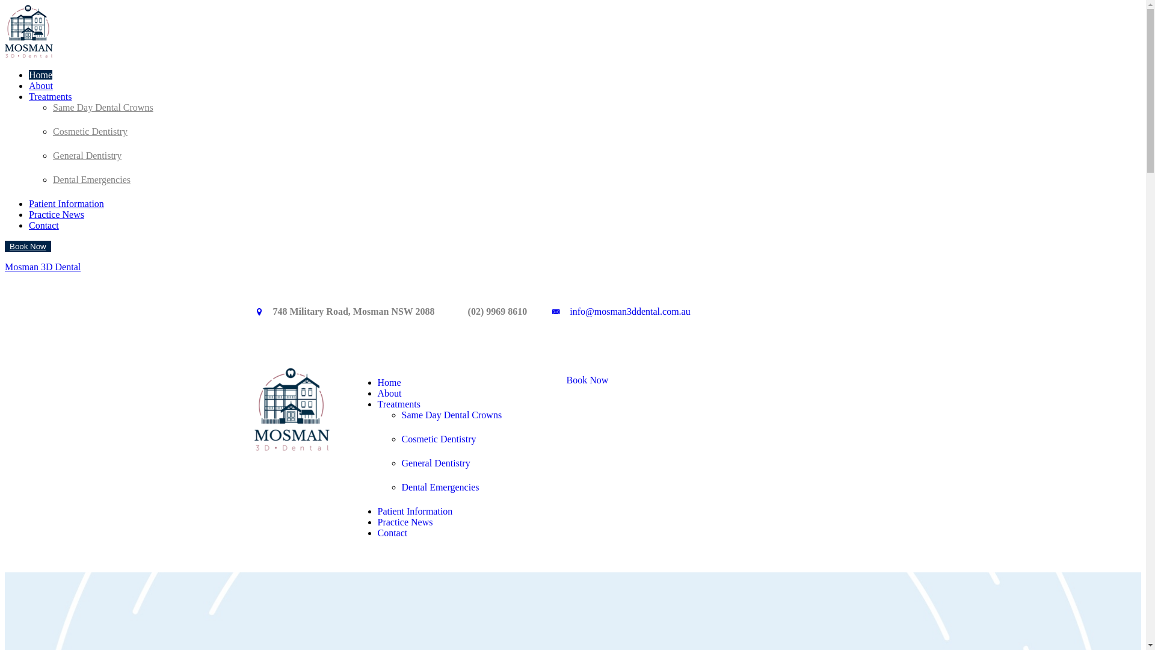 This screenshot has height=650, width=1155. What do you see at coordinates (43, 266) in the screenshot?
I see `'Mosman 3D Dental'` at bounding box center [43, 266].